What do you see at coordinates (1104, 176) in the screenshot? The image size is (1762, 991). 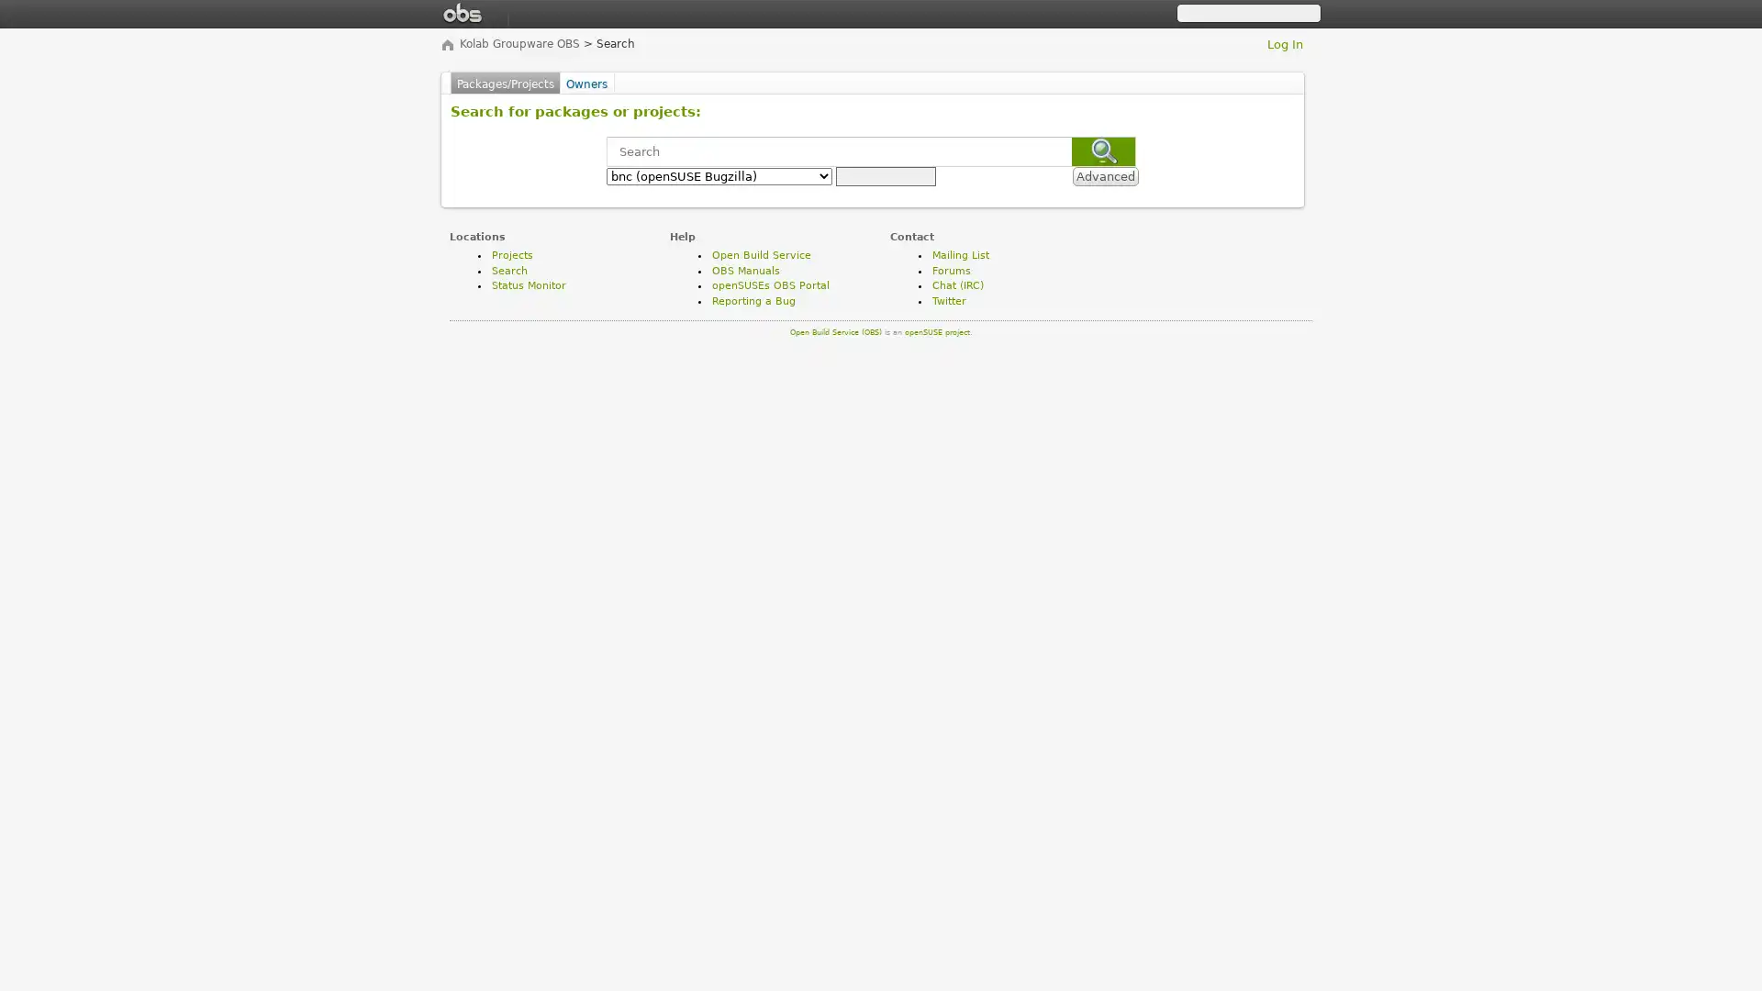 I see `Advanced` at bounding box center [1104, 176].